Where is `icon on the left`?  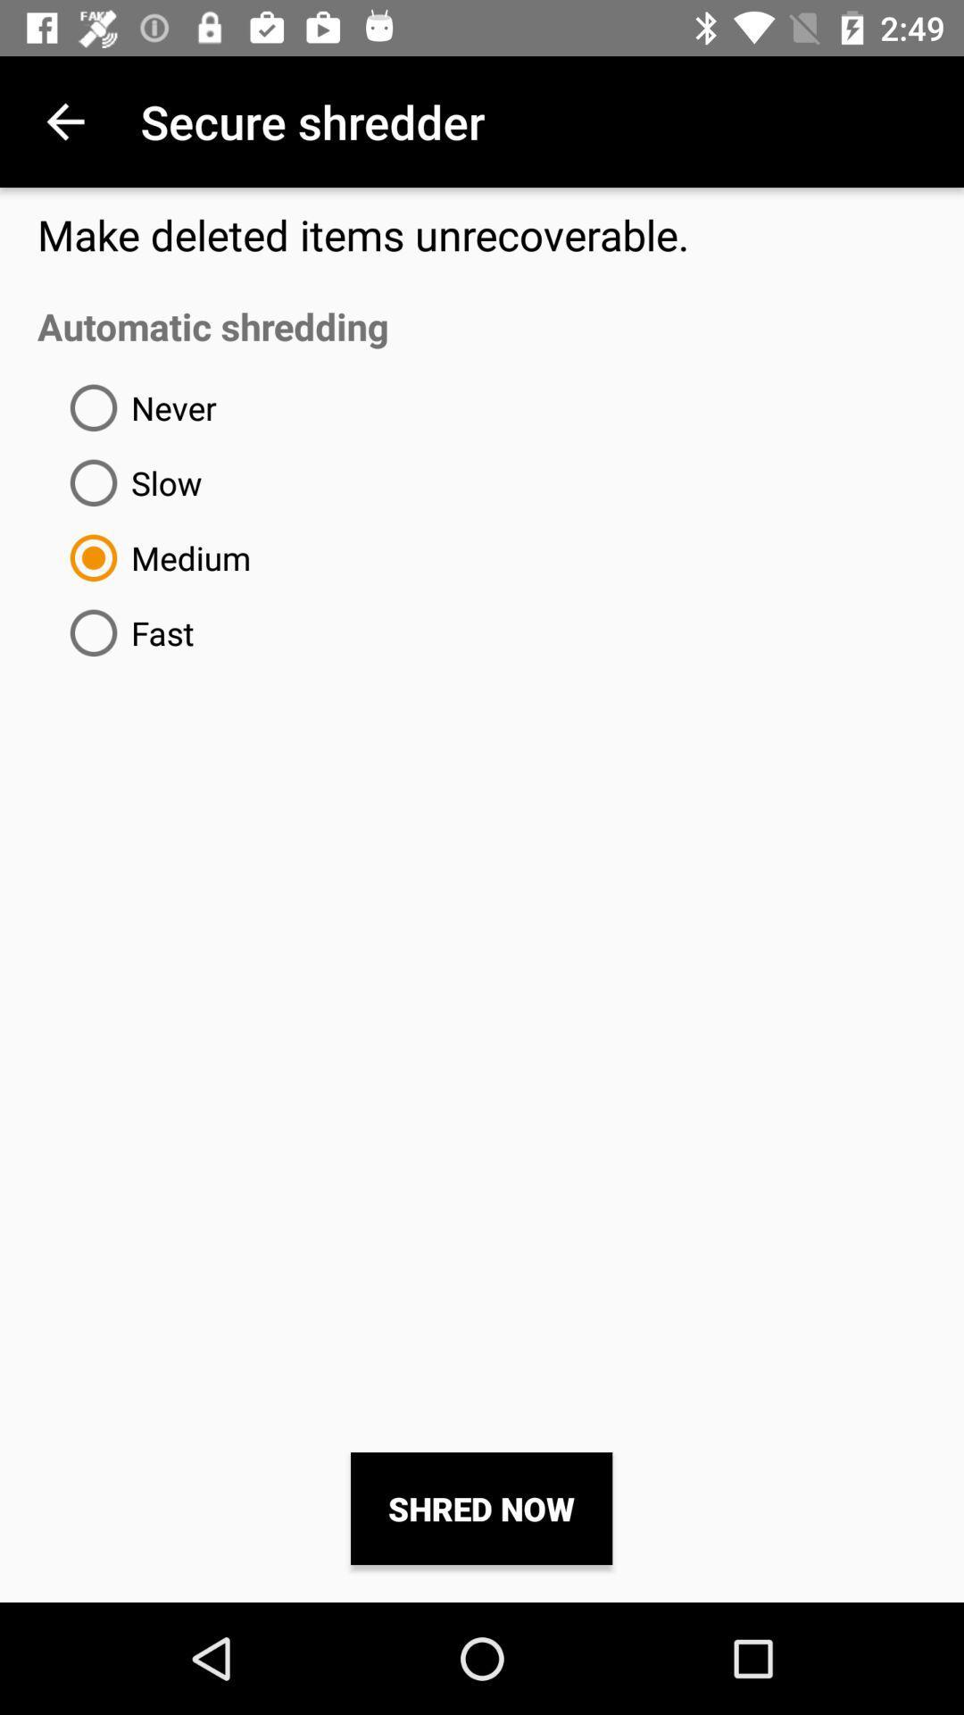 icon on the left is located at coordinates (124, 632).